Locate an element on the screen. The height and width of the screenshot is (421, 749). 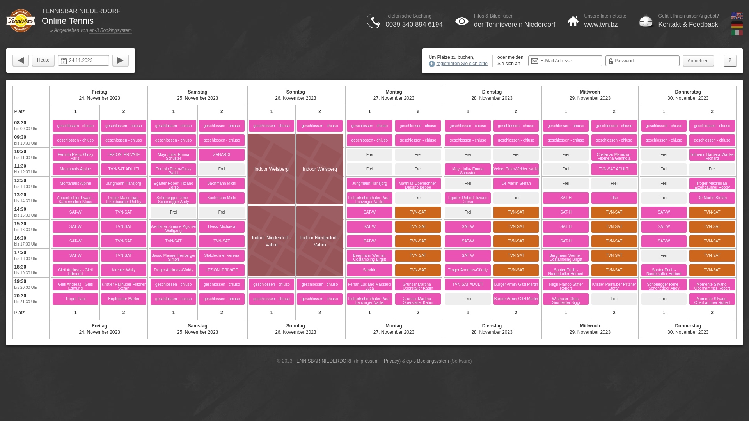
'Bachmann Michi' is located at coordinates (221, 183).